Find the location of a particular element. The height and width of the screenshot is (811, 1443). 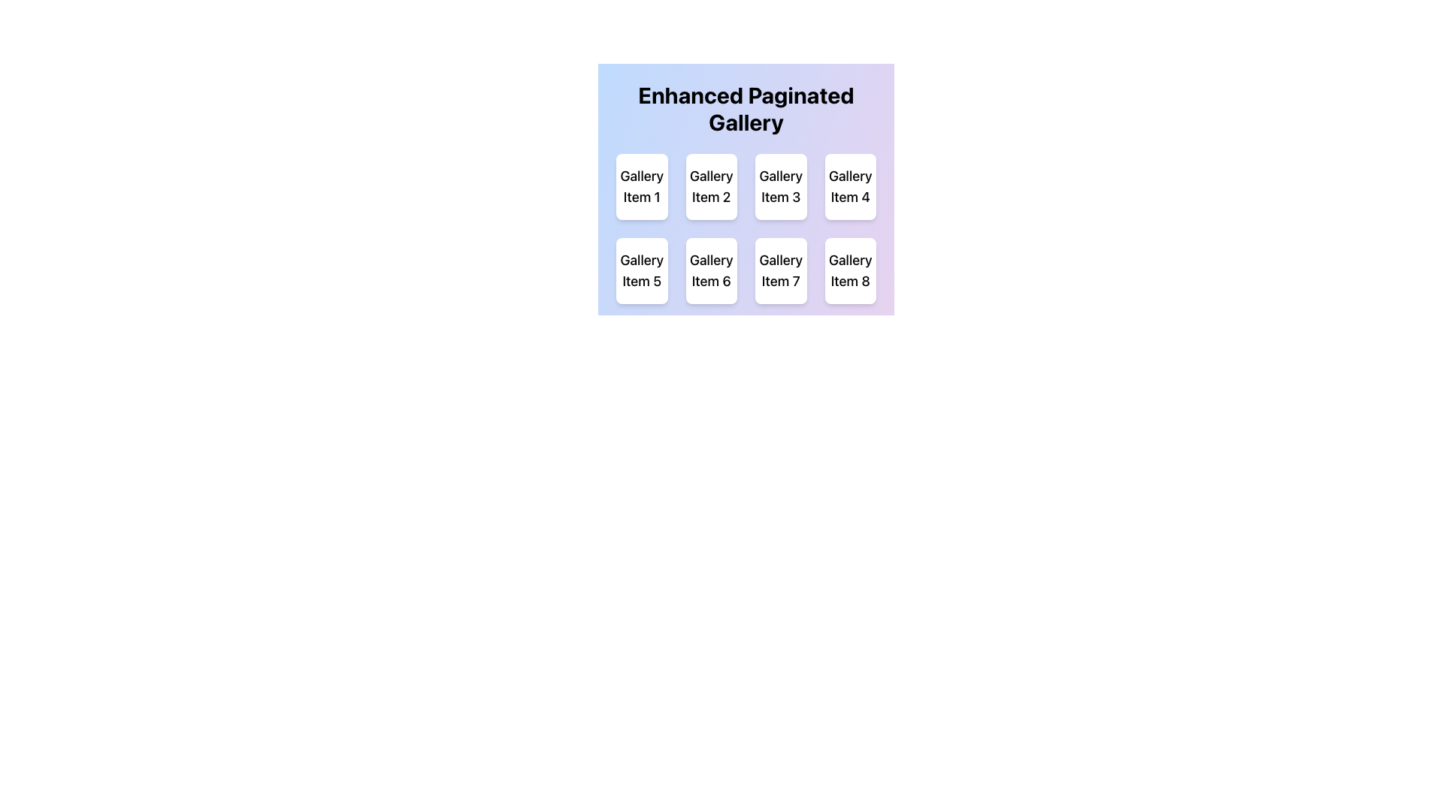

the first Interactive Card in the grid layout is located at coordinates (642, 186).